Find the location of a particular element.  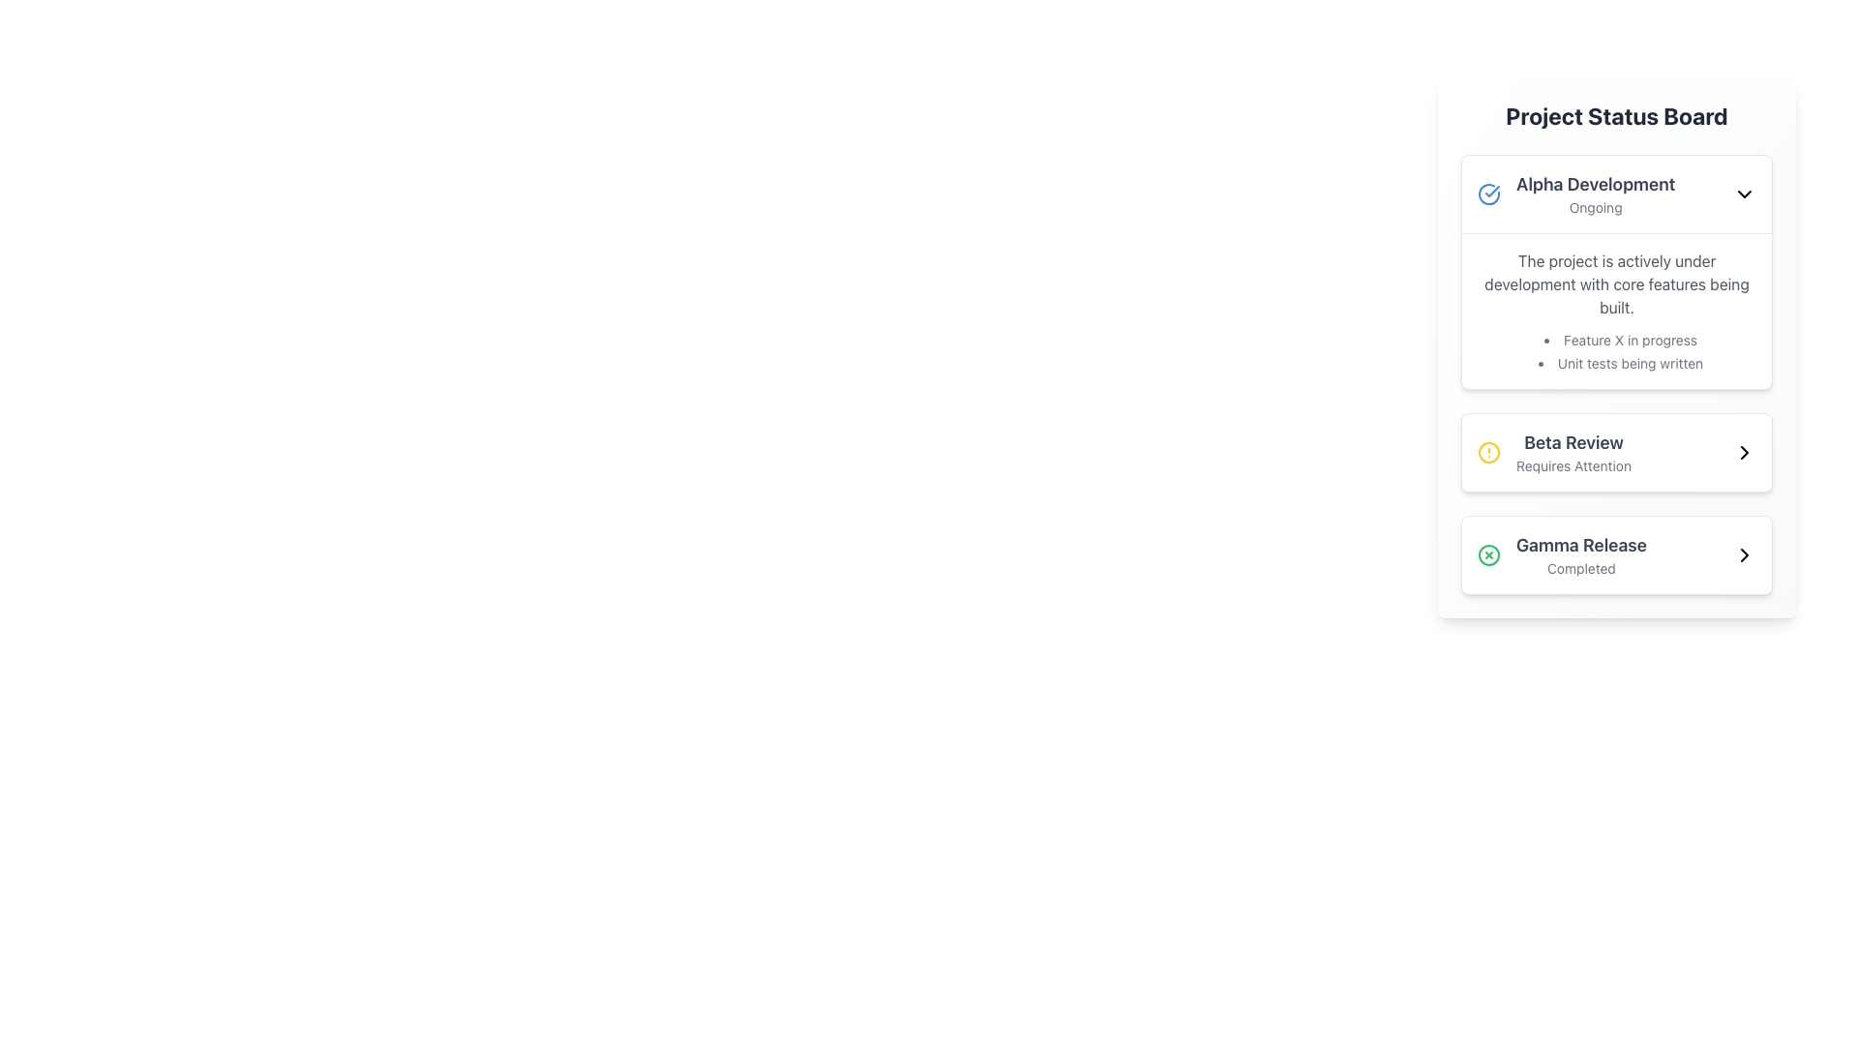

the unordered list located in the 'Alpha Development' section of the 'Project Status Board', positioned below the description text about project development is located at coordinates (1616, 351).